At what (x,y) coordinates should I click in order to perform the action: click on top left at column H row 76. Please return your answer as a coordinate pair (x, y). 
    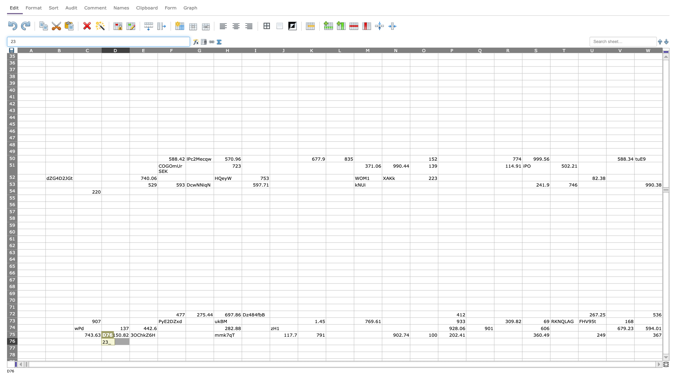
    Looking at the image, I should click on (213, 337).